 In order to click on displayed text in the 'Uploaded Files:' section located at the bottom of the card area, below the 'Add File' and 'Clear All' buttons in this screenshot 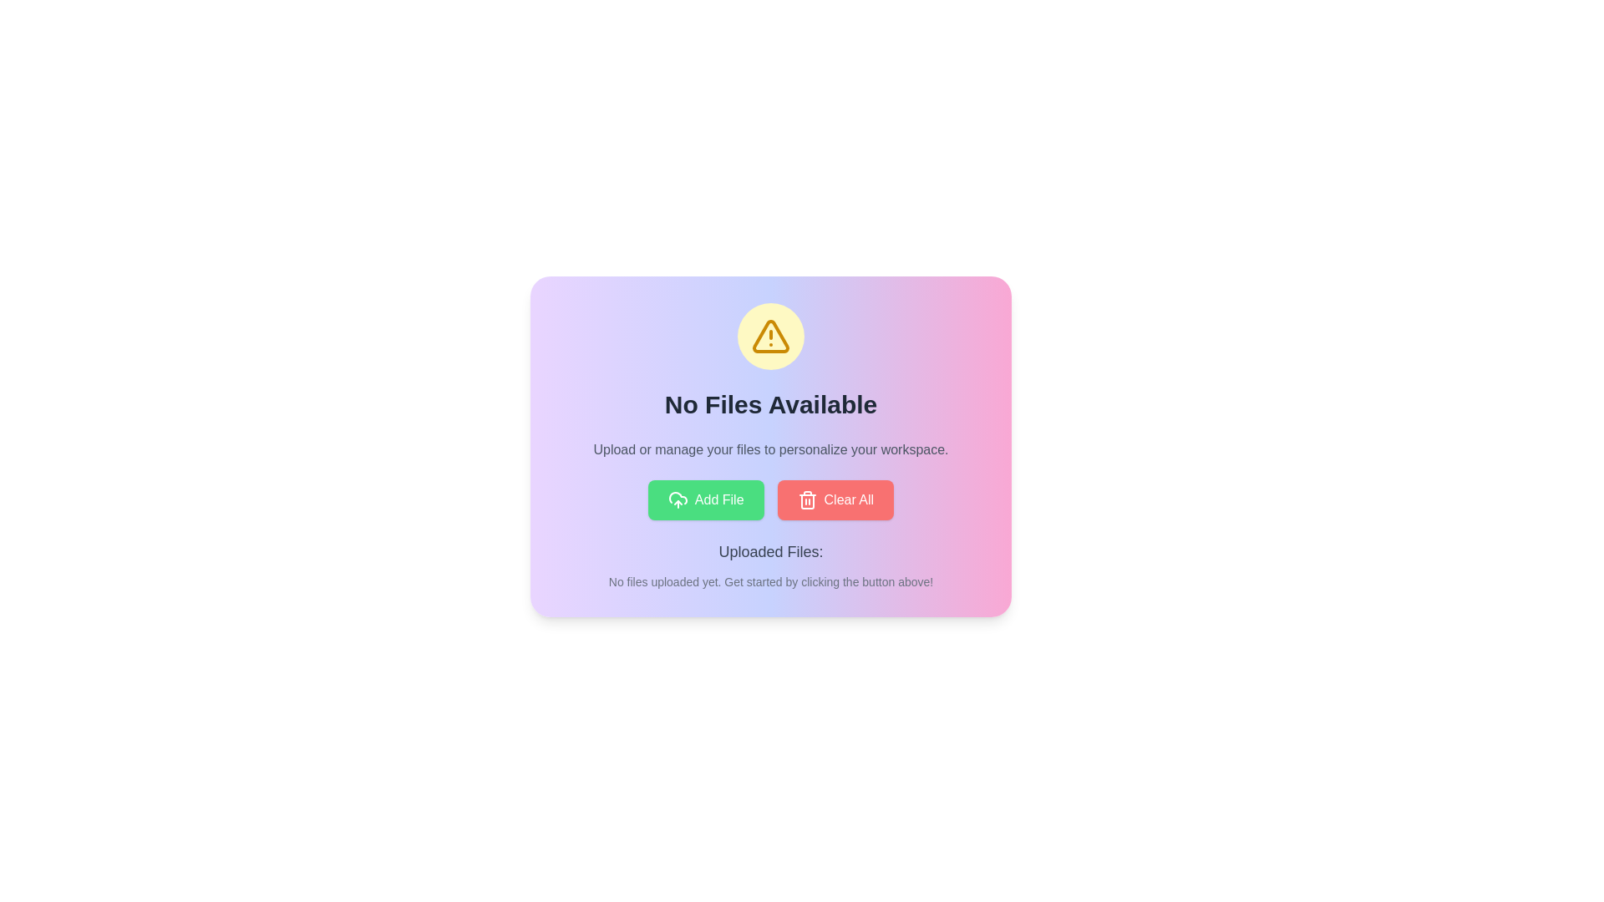, I will do `click(769, 565)`.